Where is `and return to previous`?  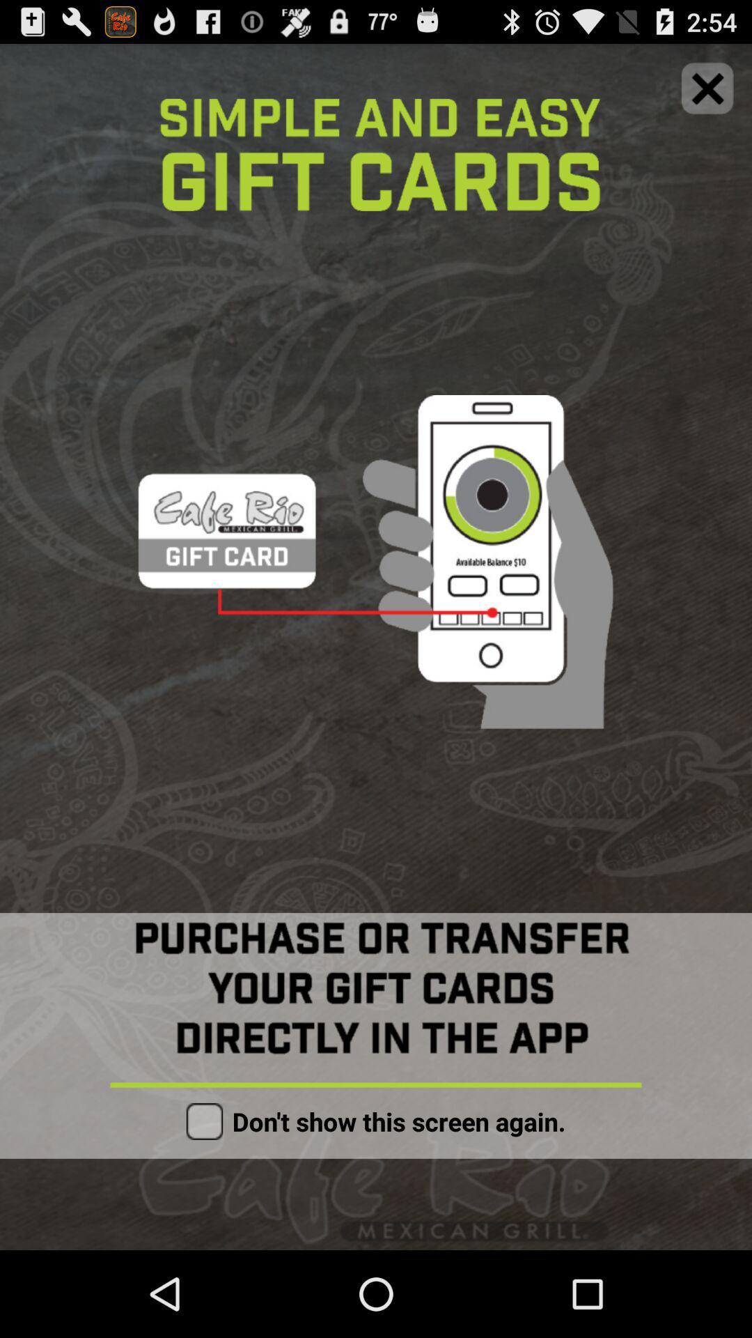 and return to previous is located at coordinates (707, 87).